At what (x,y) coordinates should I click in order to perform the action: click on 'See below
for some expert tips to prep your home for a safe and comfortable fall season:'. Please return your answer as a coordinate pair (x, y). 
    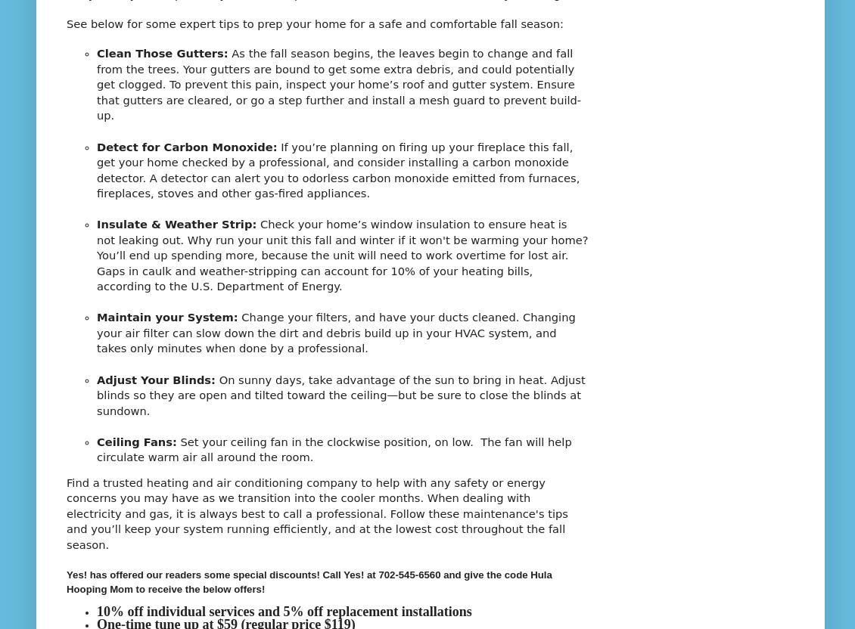
    Looking at the image, I should click on (314, 23).